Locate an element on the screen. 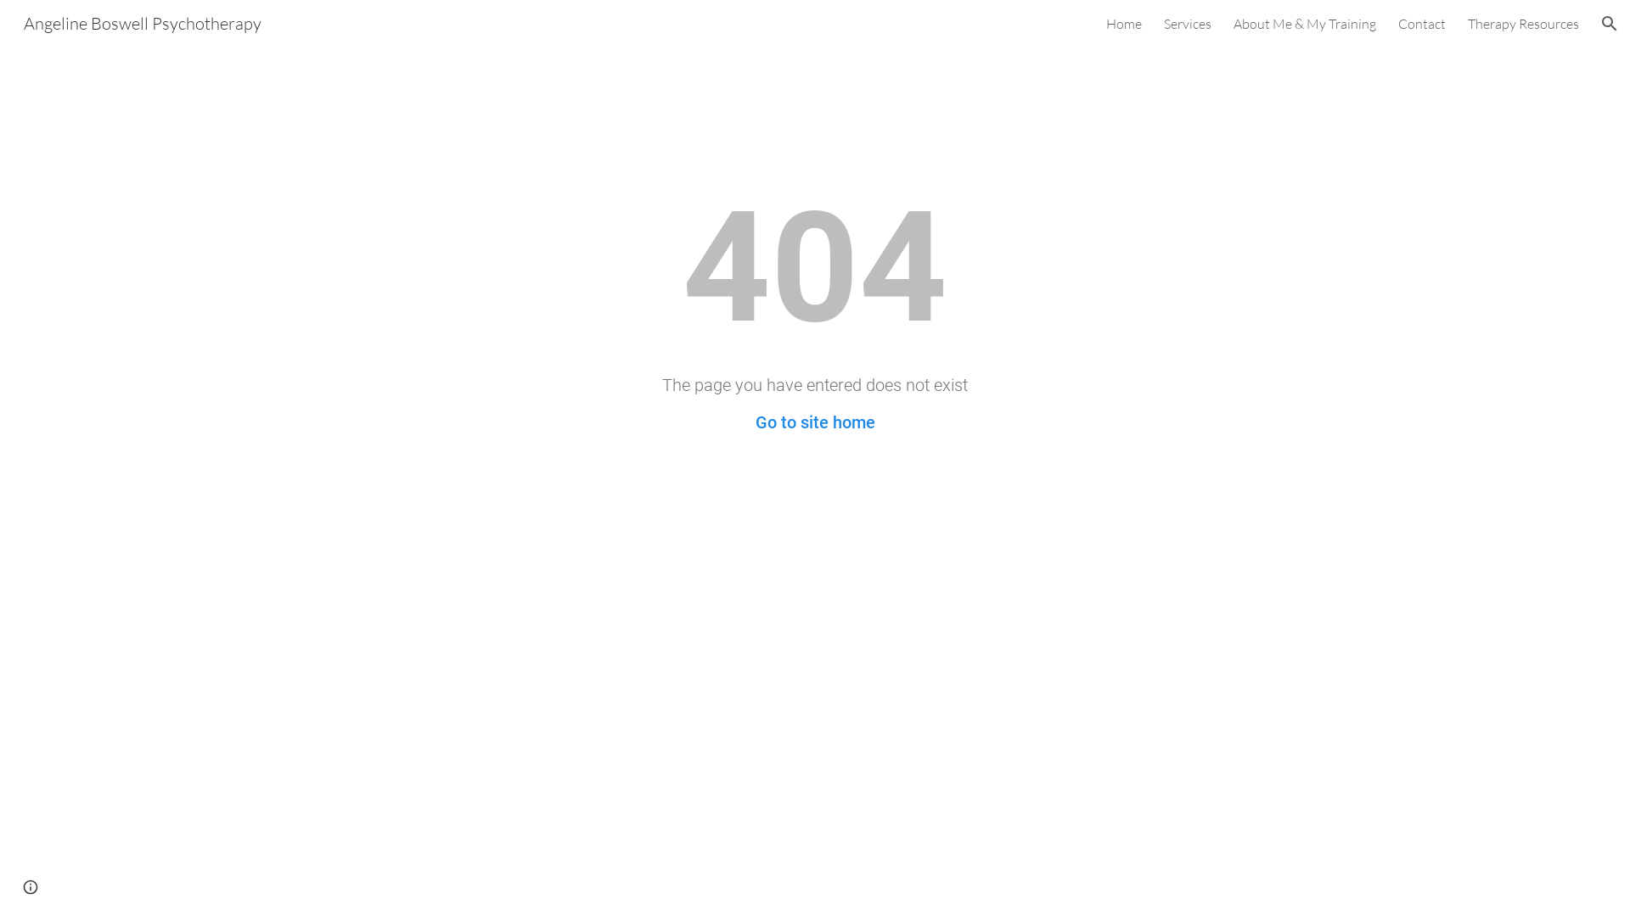 The image size is (1630, 916). 'Go to site home' is located at coordinates (754, 421).